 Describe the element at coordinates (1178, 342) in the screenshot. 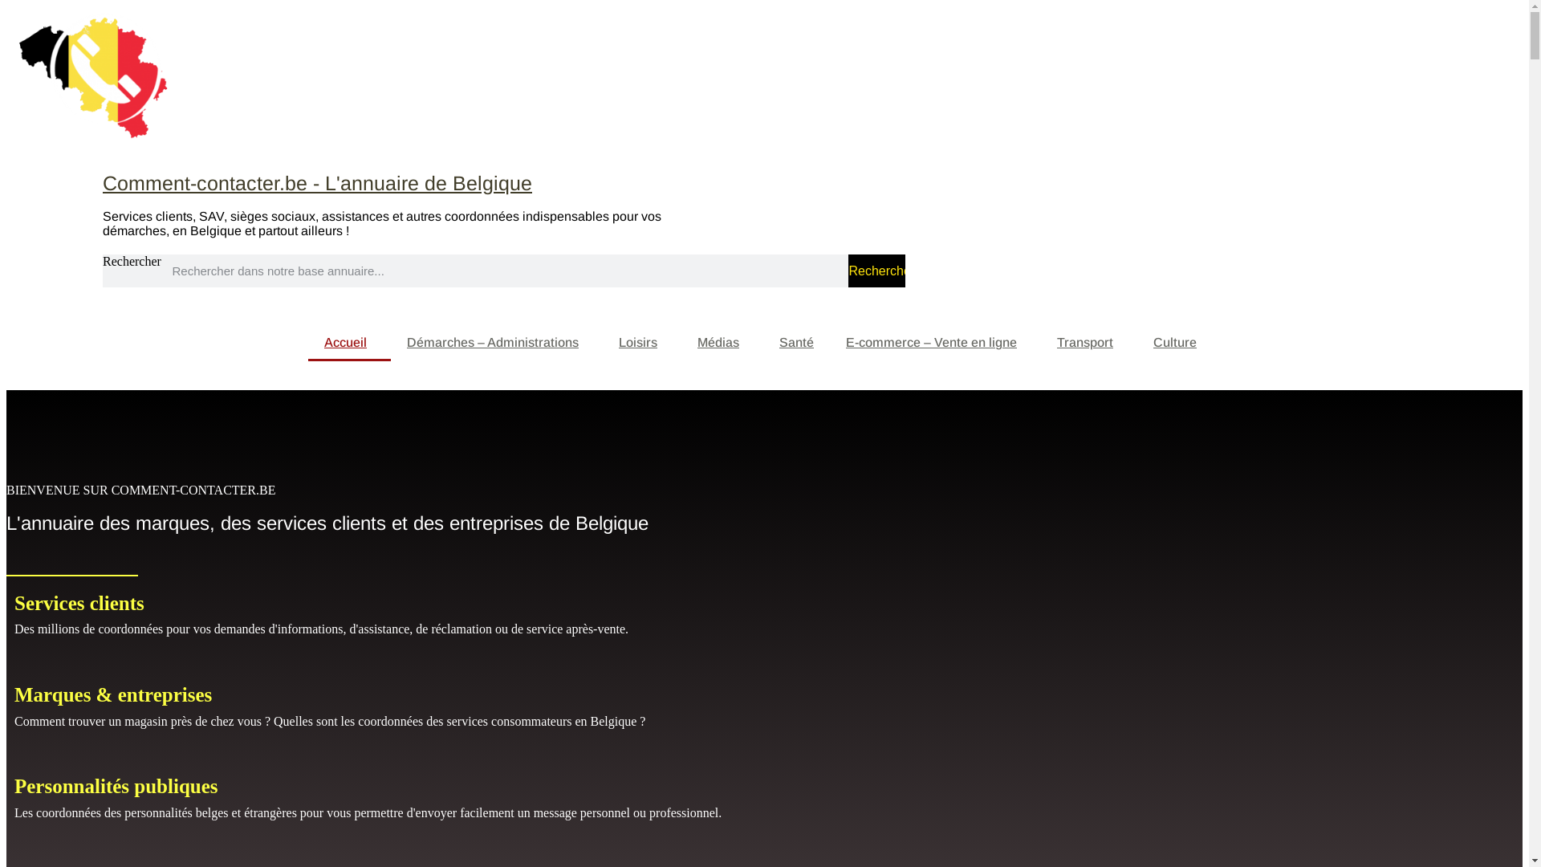

I see `'Culture'` at that location.